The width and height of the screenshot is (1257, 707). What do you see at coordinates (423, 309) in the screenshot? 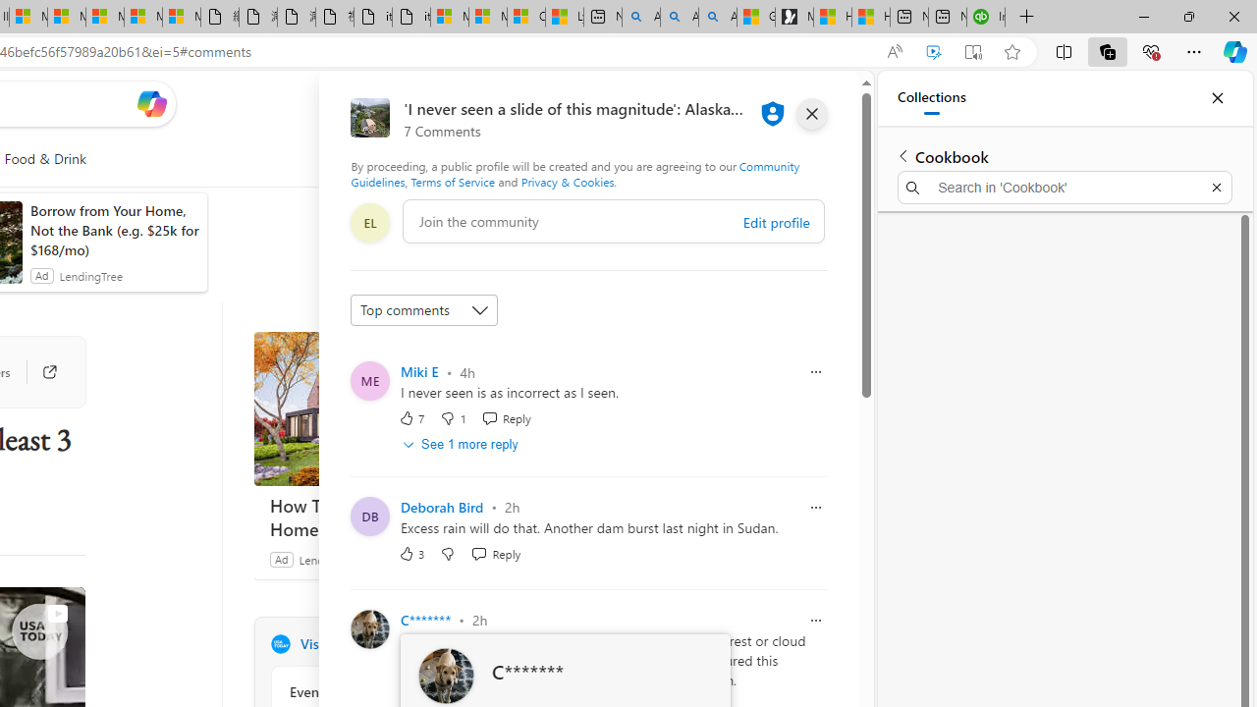
I see `'Sort comments by'` at bounding box center [423, 309].